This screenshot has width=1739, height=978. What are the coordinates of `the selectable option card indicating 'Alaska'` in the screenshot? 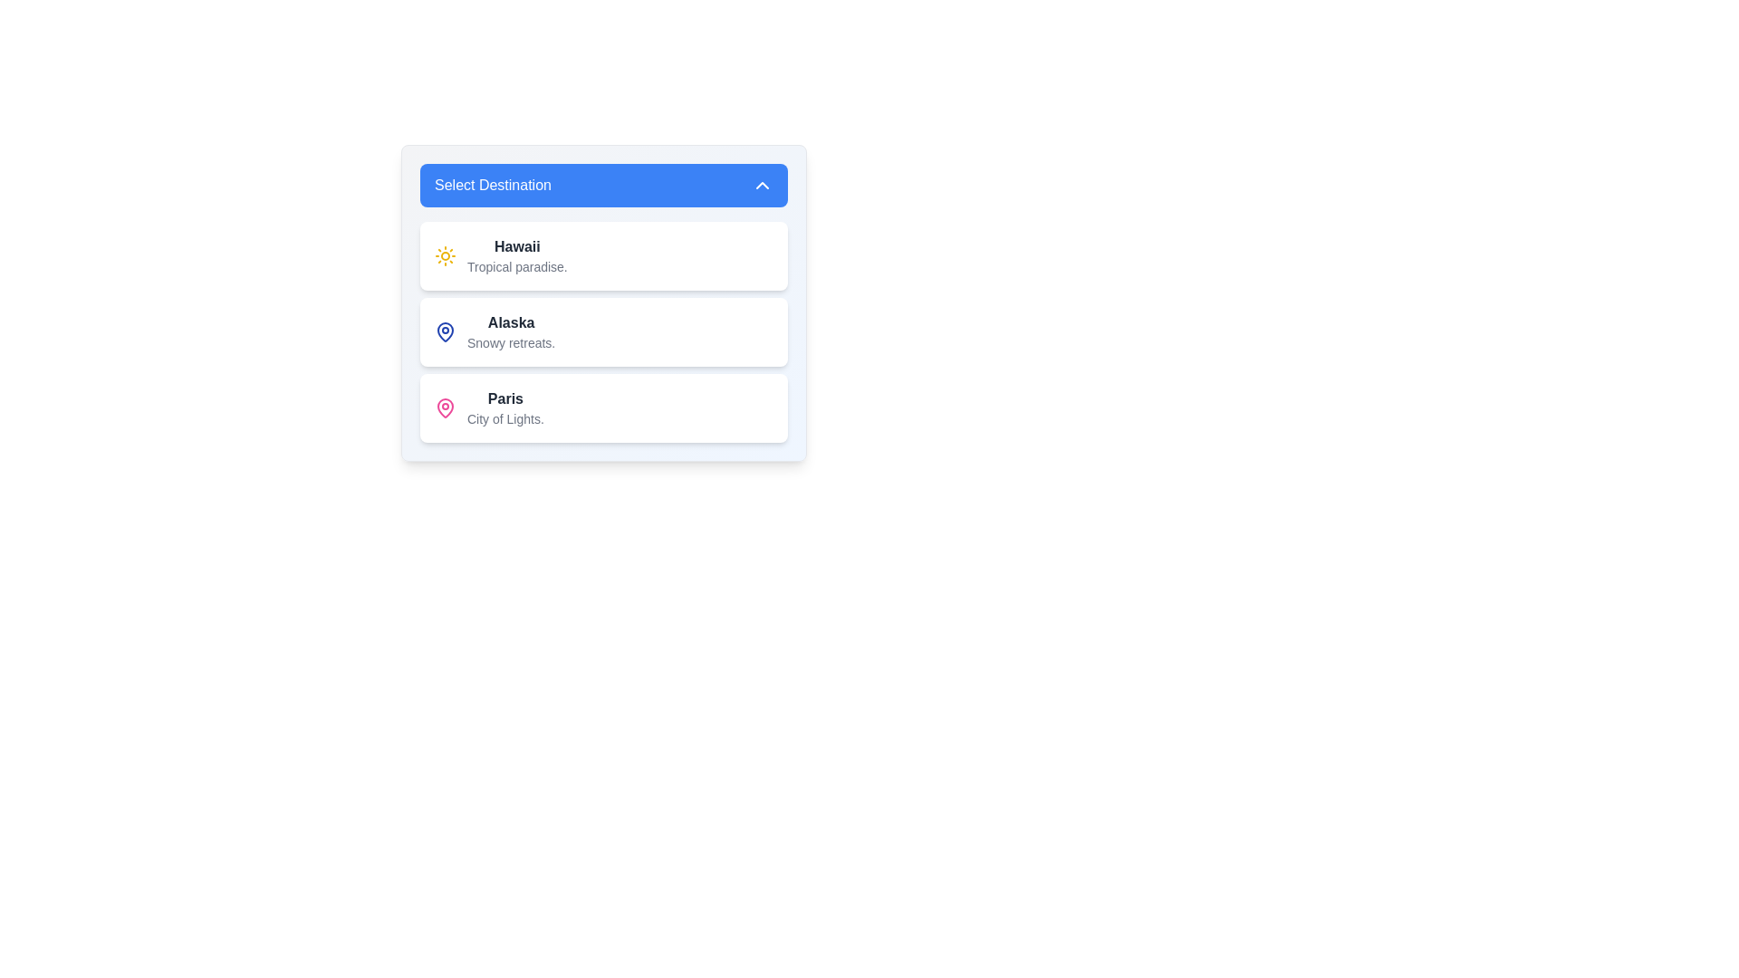 It's located at (604, 331).